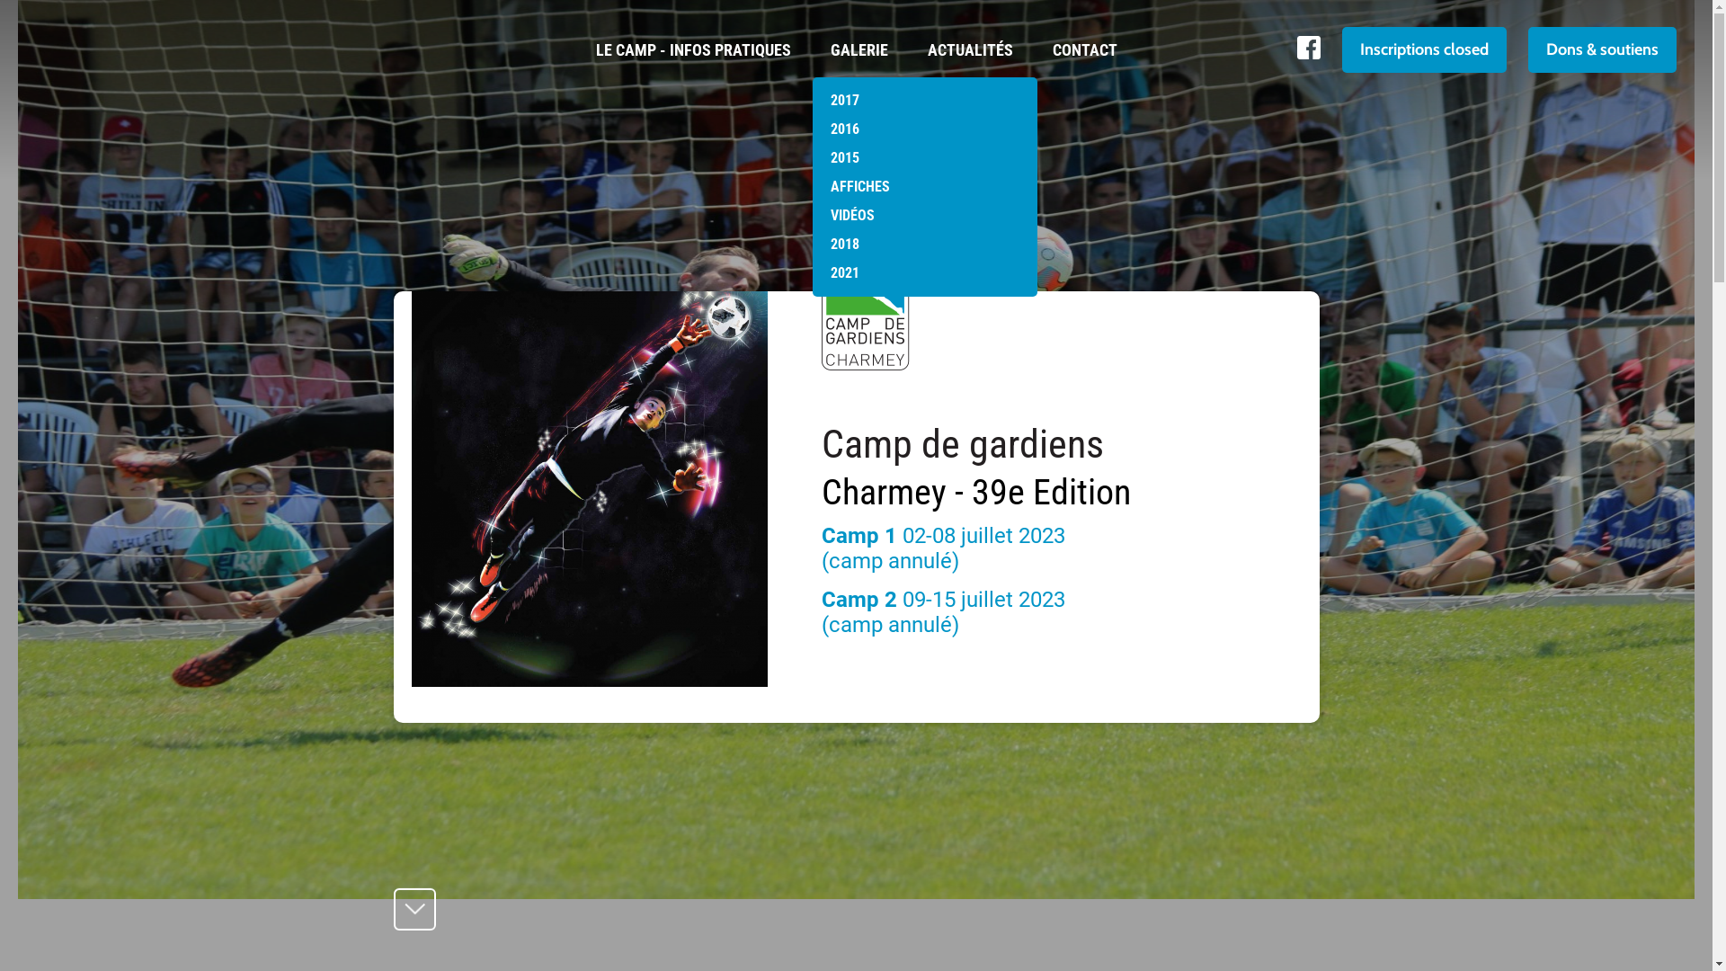 The image size is (1726, 971). Describe the element at coordinates (924, 245) in the screenshot. I see `'2018'` at that location.